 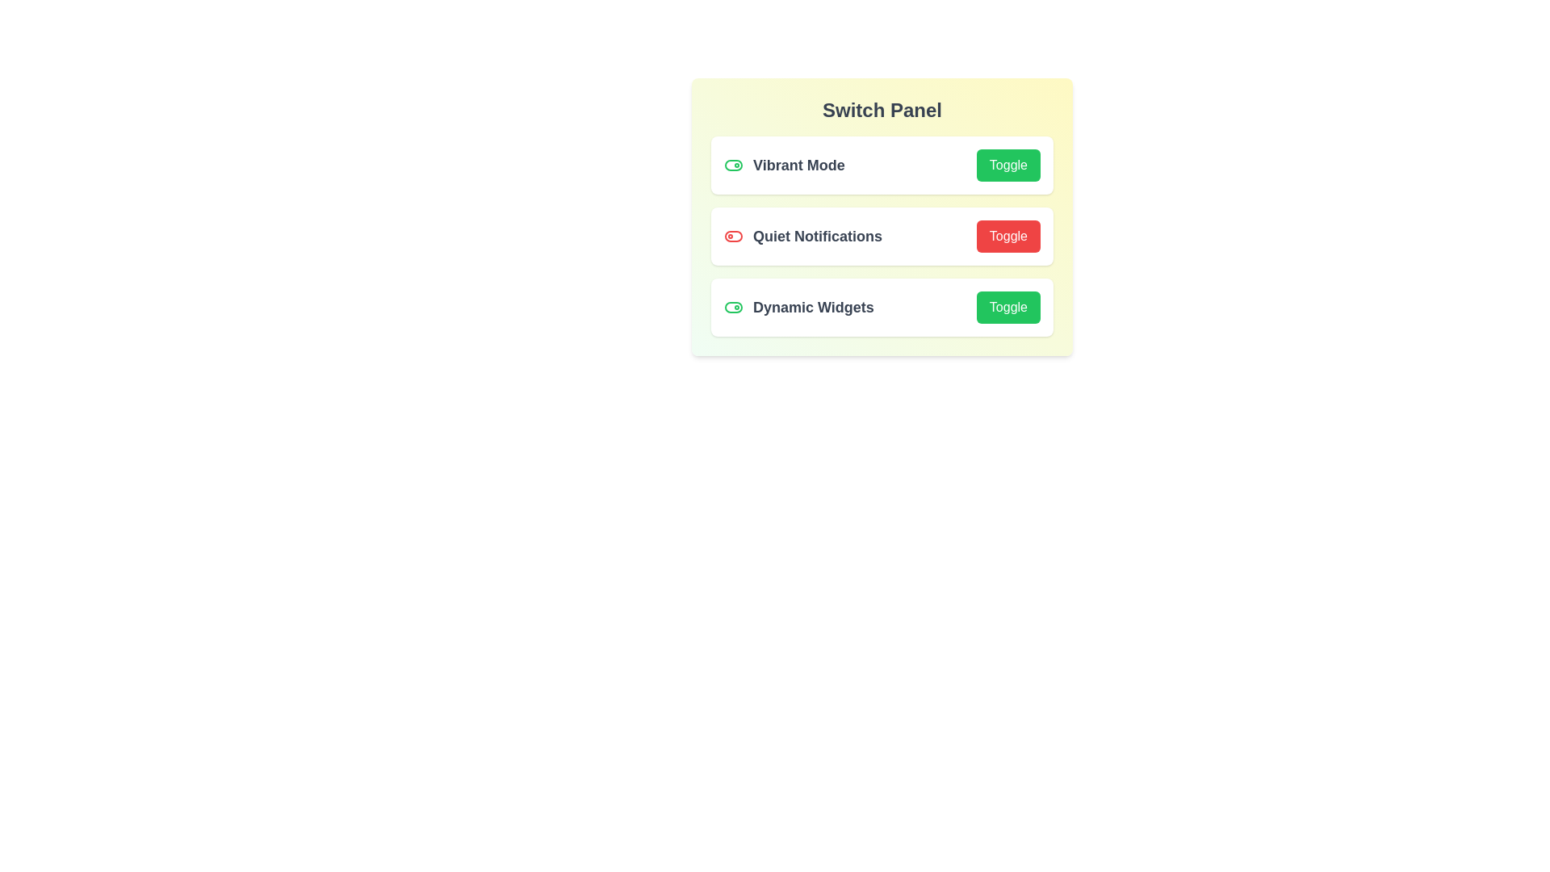 What do you see at coordinates (1007, 165) in the screenshot?
I see `toggle button for Vibrant Mode to change its state` at bounding box center [1007, 165].